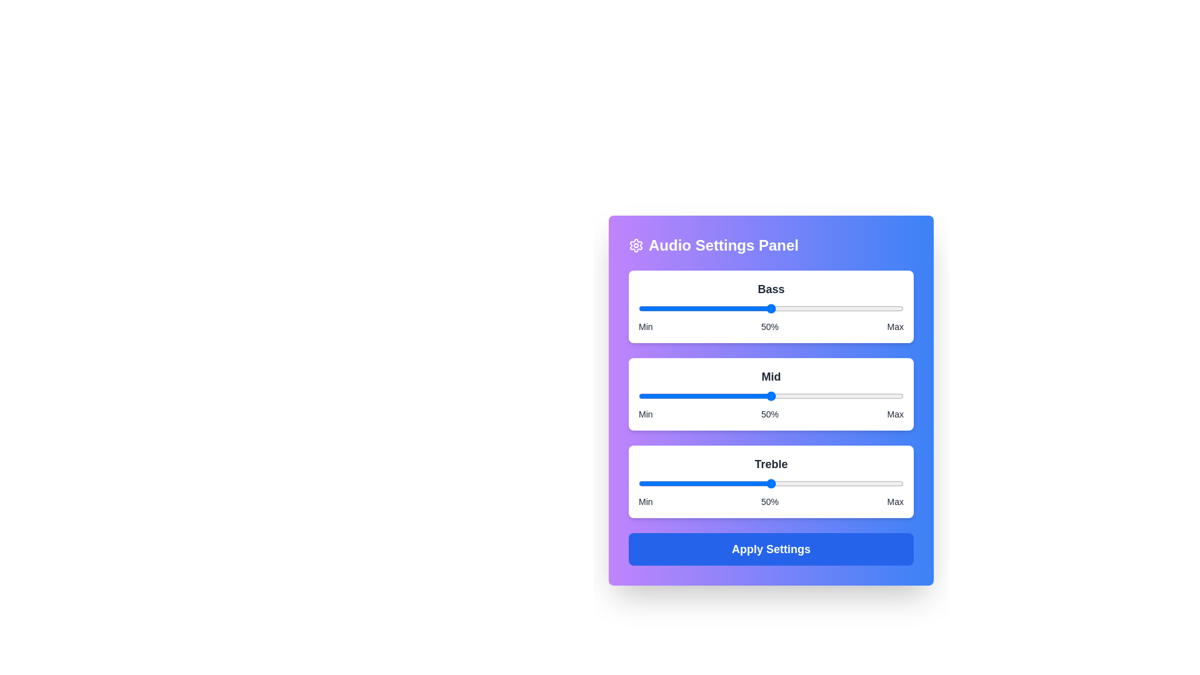 Image resolution: width=1200 pixels, height=675 pixels. What do you see at coordinates (769, 326) in the screenshot?
I see `the static text label displaying the current percentage level of the 'Bass' audio setting, located above the 'Mid' and 'Treble' sliders in the audio settings interface` at bounding box center [769, 326].